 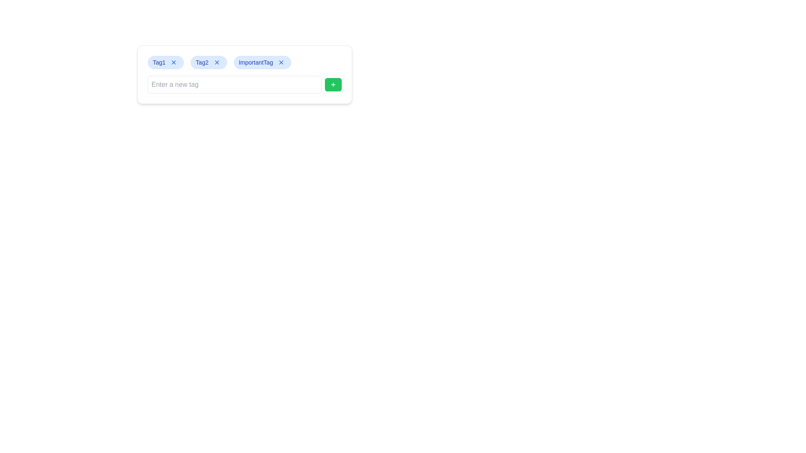 I want to click on the button that removes the associated tag 'Tag1', so click(x=173, y=62).